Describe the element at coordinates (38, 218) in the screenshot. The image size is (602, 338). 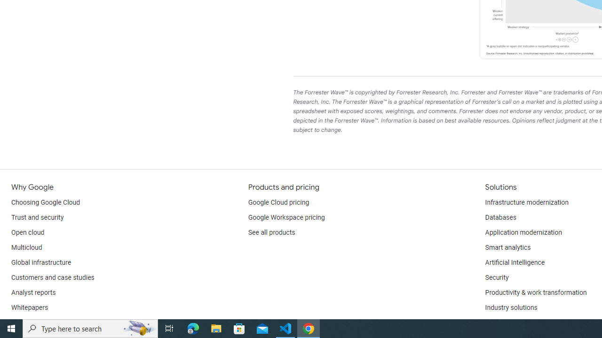
I see `'Trust and security'` at that location.